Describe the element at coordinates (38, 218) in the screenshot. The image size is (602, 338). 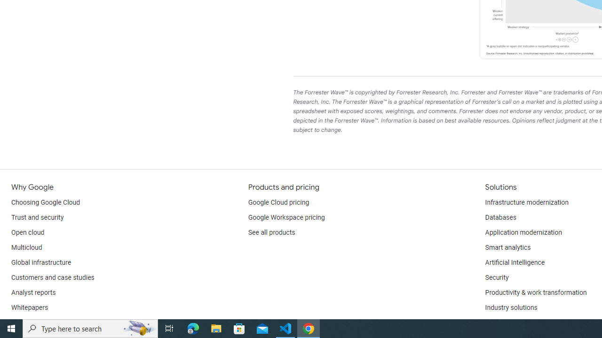
I see `'Trust and security'` at that location.